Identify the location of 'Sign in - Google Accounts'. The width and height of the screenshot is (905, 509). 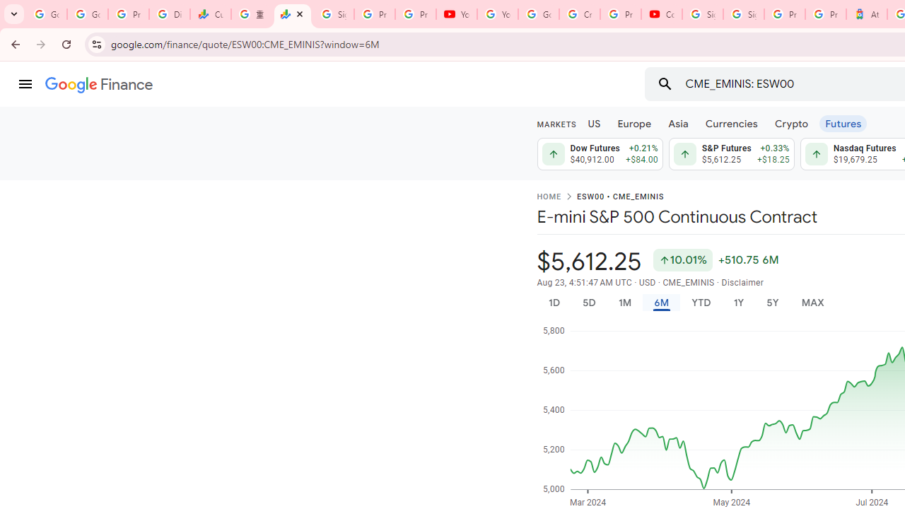
(743, 14).